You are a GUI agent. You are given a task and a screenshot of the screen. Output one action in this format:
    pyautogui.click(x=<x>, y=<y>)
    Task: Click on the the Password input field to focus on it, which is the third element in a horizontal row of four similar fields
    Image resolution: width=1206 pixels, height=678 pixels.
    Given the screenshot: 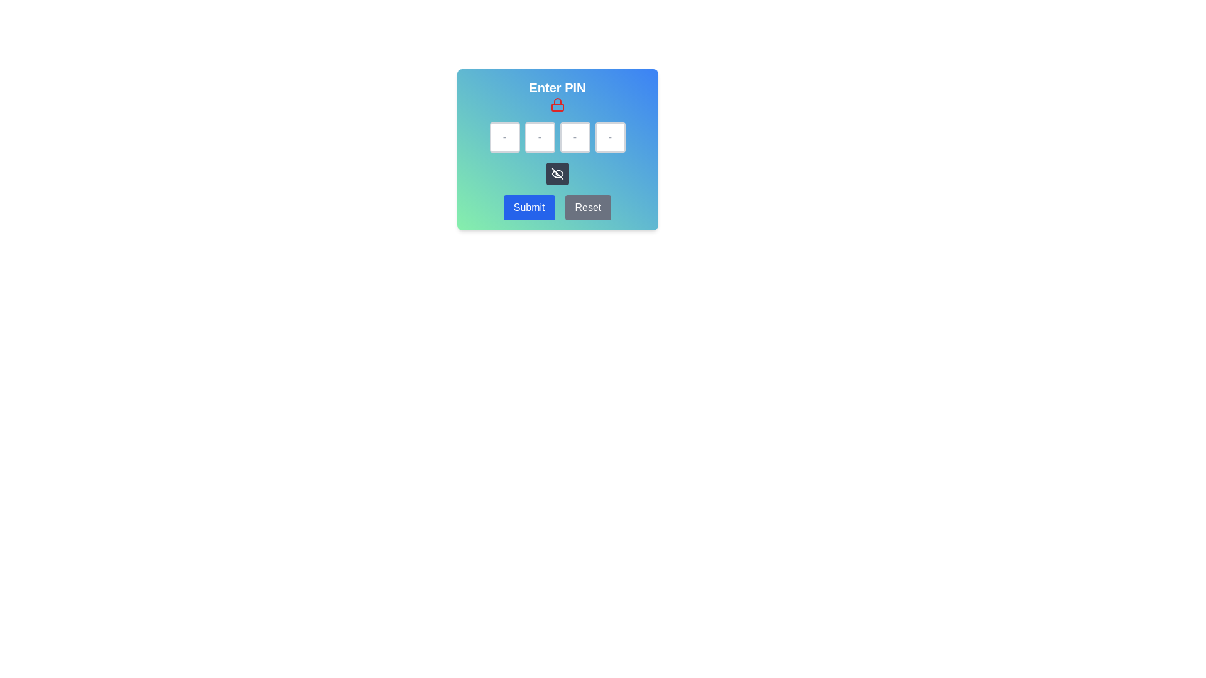 What is the action you would take?
    pyautogui.click(x=574, y=137)
    